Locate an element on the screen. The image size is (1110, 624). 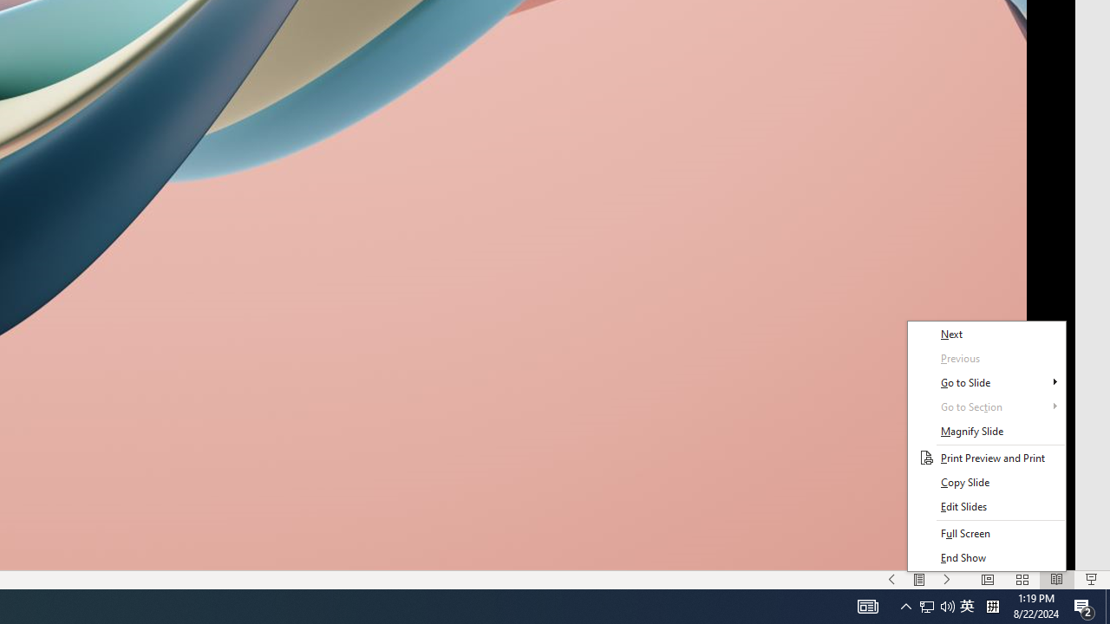
'Full Screen' is located at coordinates (986, 532).